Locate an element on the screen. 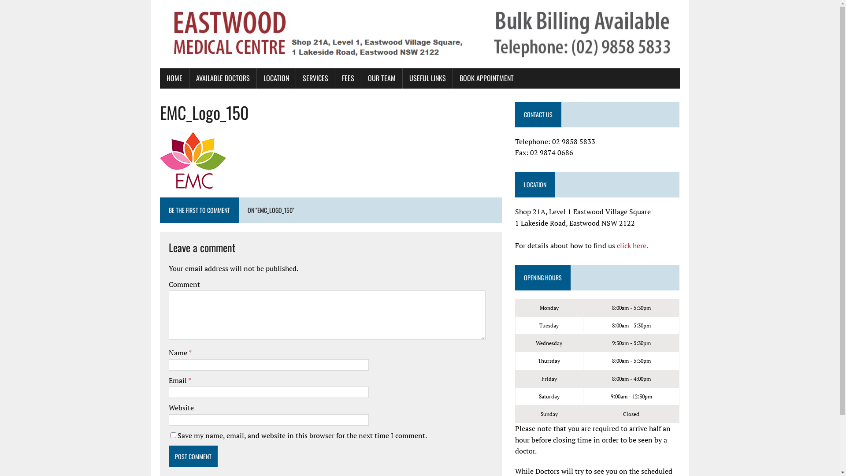  'OUR TEAM' is located at coordinates (382, 78).